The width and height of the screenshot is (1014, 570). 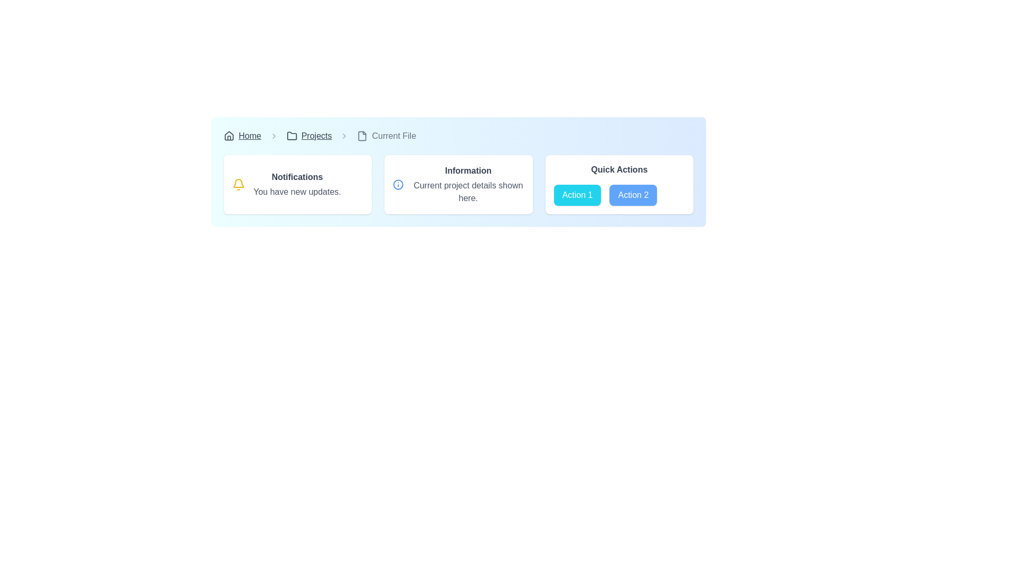 I want to click on the Breadcrumb Label displaying 'Current File' which is styled with the class name 'ml-2' and appears in light gray text, indicating its inactive or informational nature, so click(x=393, y=136).